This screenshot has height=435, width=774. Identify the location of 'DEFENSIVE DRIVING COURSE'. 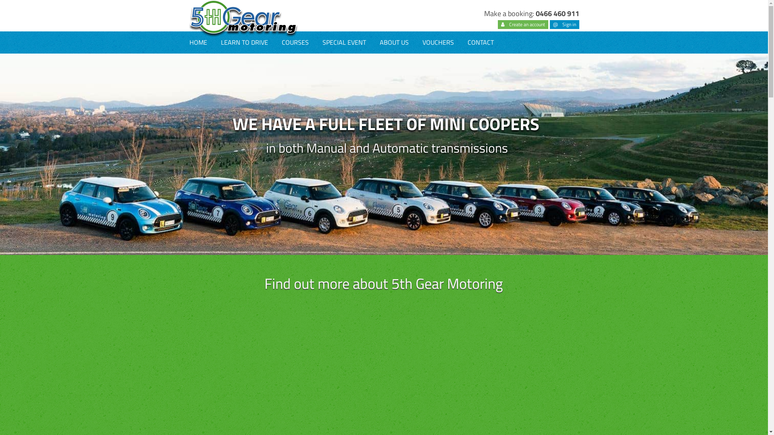
(295, 64).